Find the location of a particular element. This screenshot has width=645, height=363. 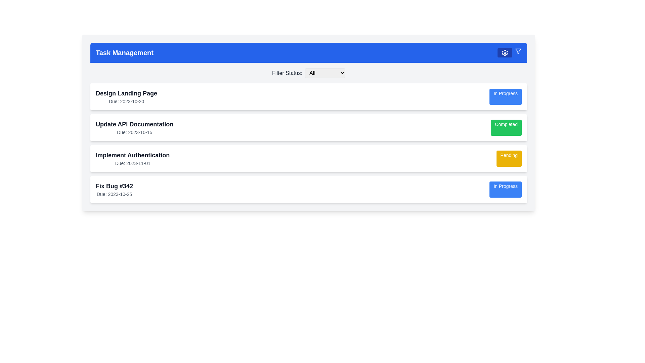

the filtering icon located at the top-right corner of the blue navigation bar is located at coordinates (518, 51).